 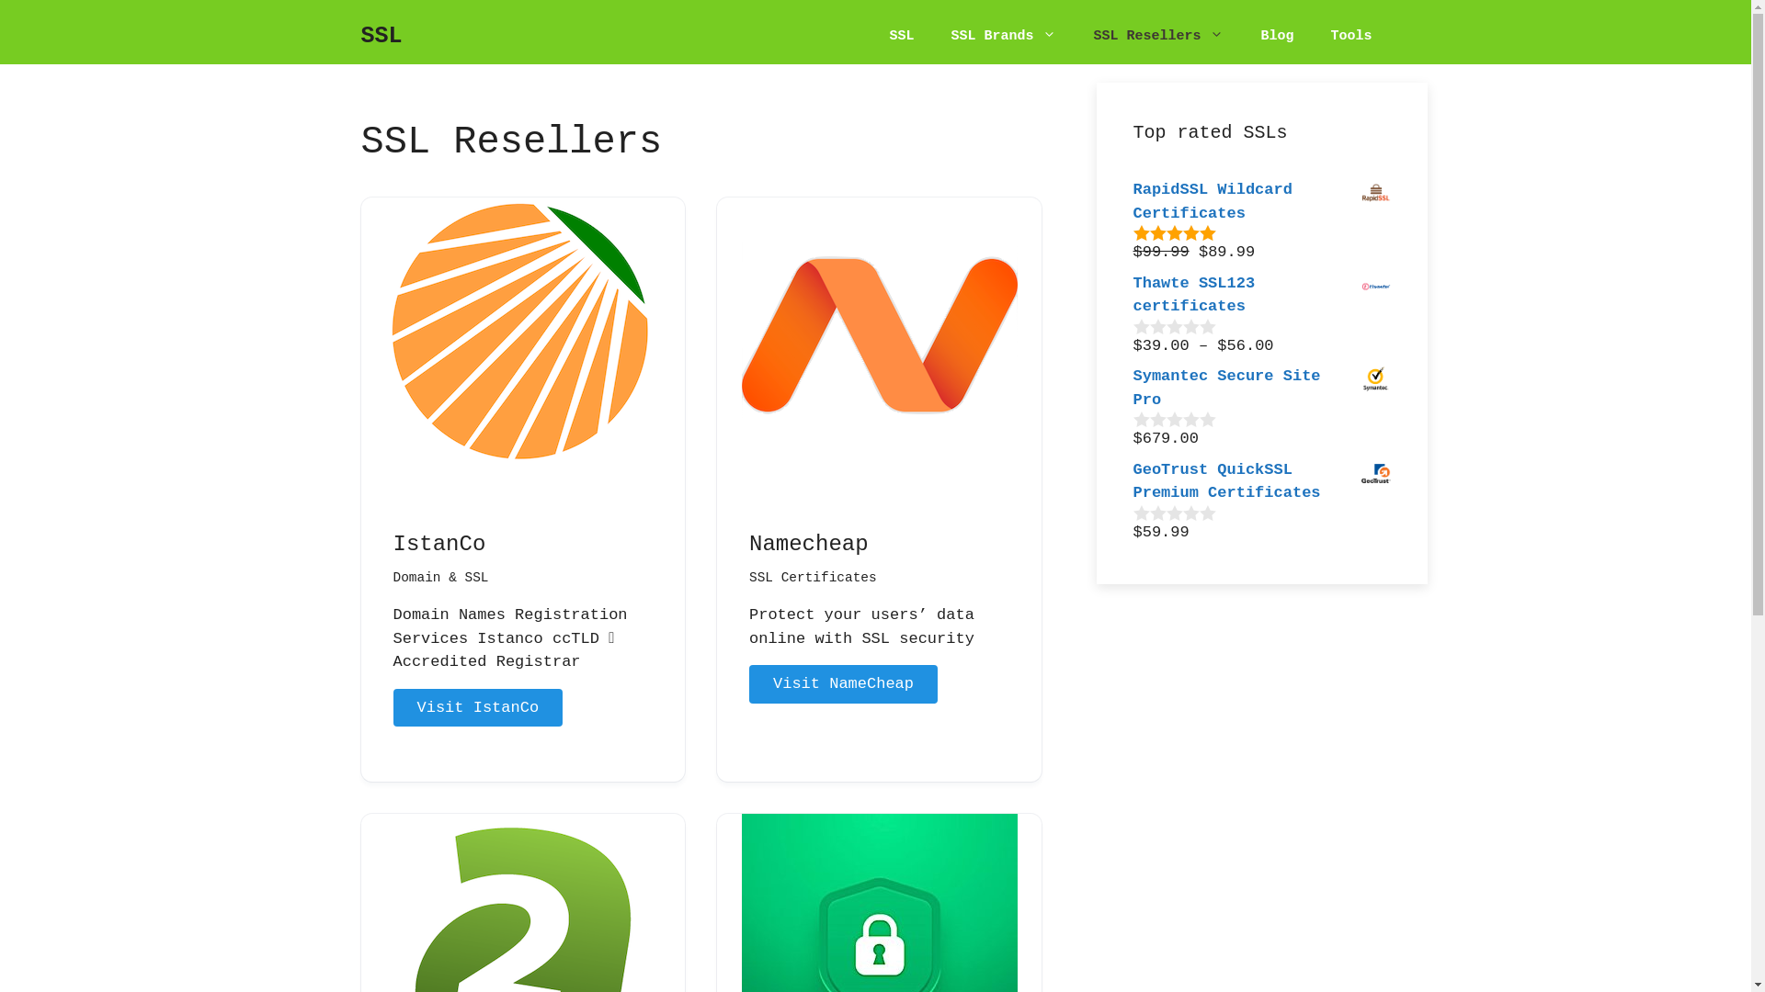 What do you see at coordinates (392, 707) in the screenshot?
I see `'Visit IstanCo'` at bounding box center [392, 707].